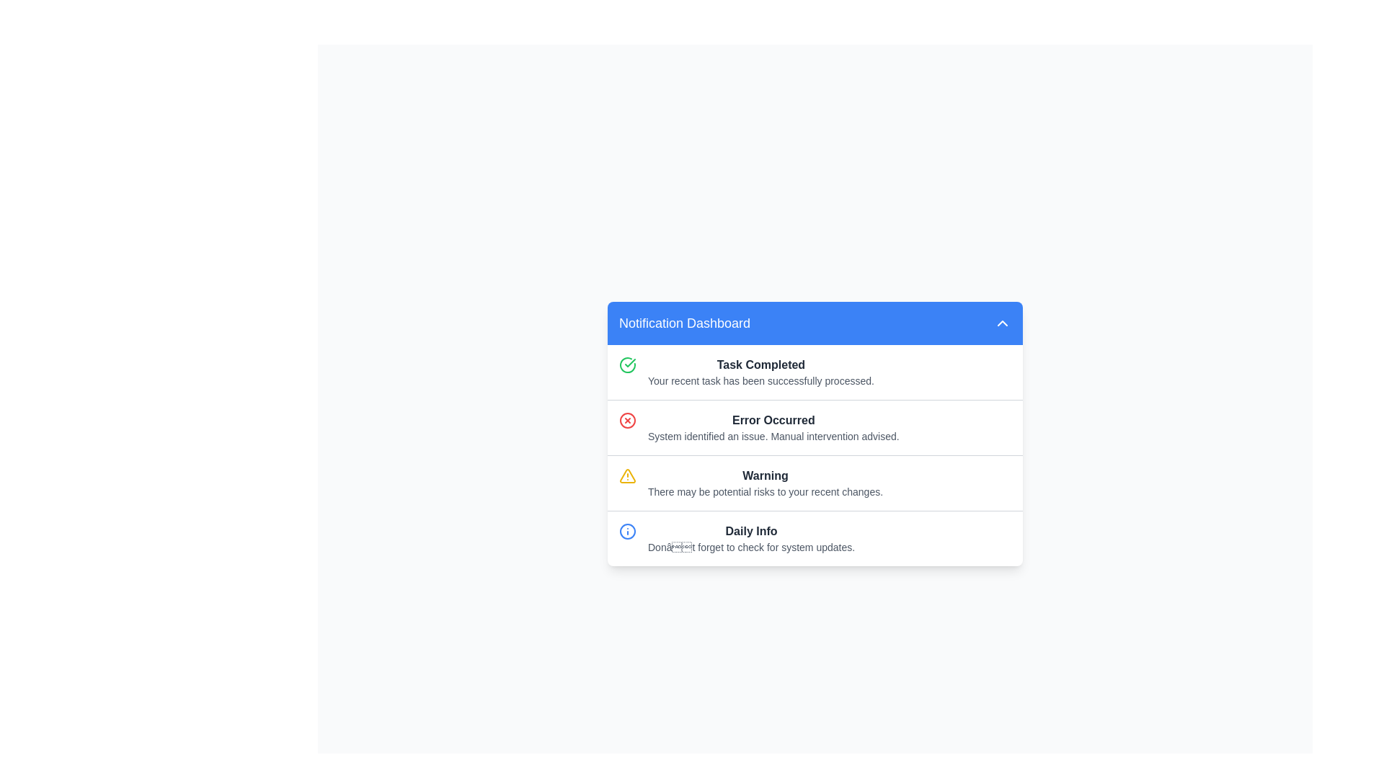 This screenshot has height=778, width=1384. What do you see at coordinates (773, 420) in the screenshot?
I see `the bold text label reading 'Error Occurred', which is styled in a semi-bold font and is part of a notification card, positioned above the smaller text and below the 'Task Completed' section` at bounding box center [773, 420].